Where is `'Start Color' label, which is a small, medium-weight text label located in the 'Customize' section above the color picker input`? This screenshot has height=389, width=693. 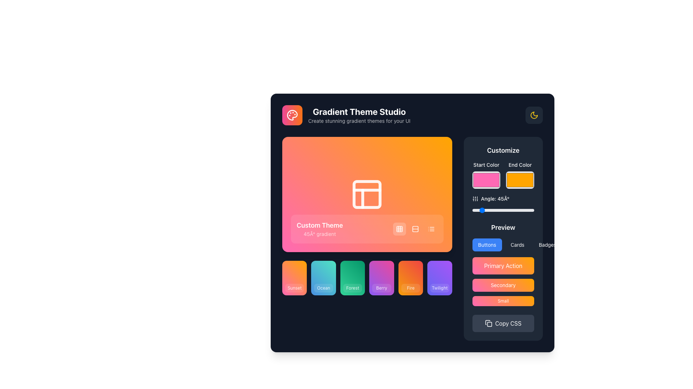
'Start Color' label, which is a small, medium-weight text label located in the 'Customize' section above the color picker input is located at coordinates (486, 165).